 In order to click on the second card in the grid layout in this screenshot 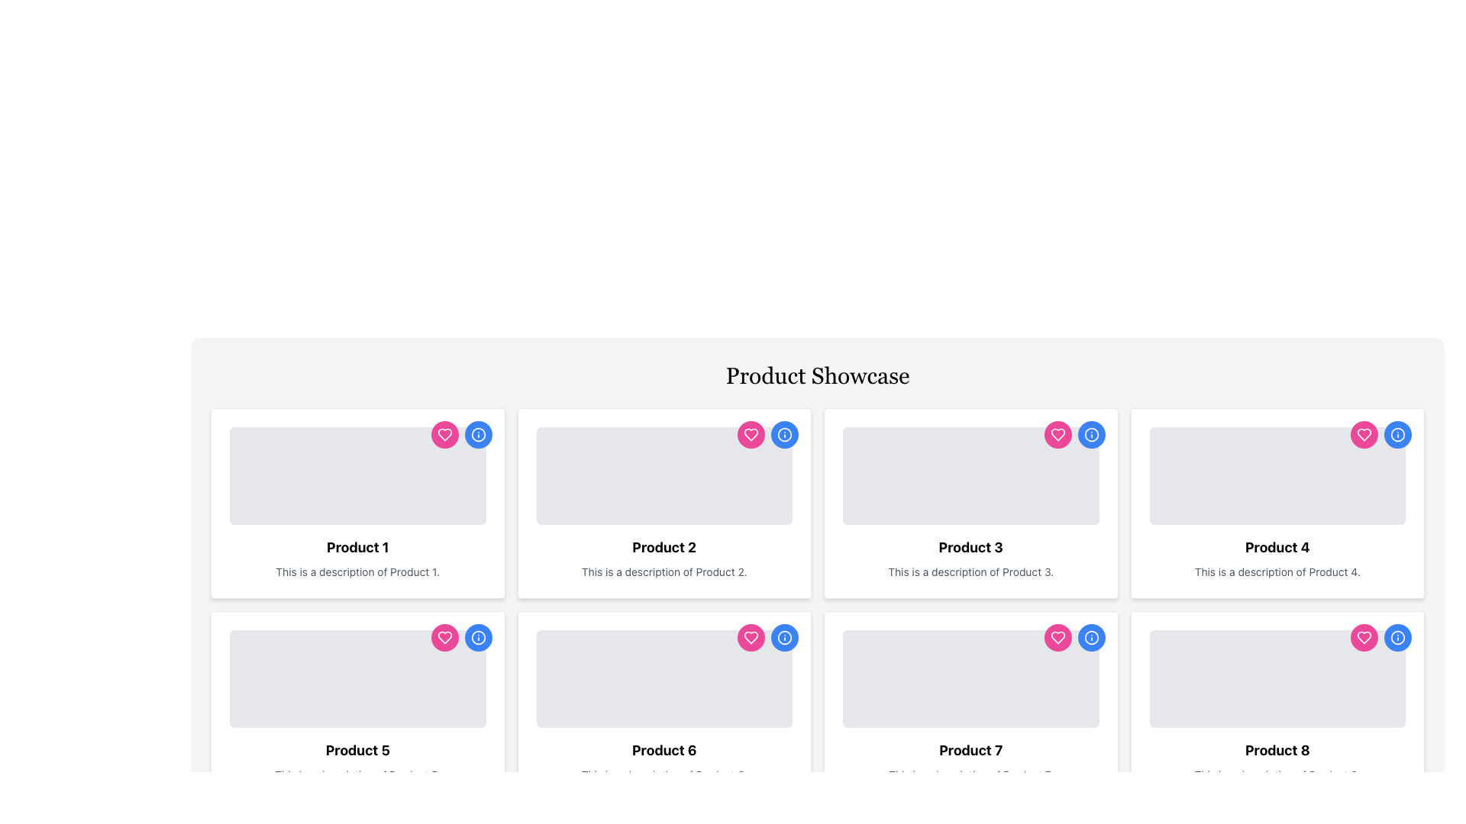, I will do `click(664, 503)`.